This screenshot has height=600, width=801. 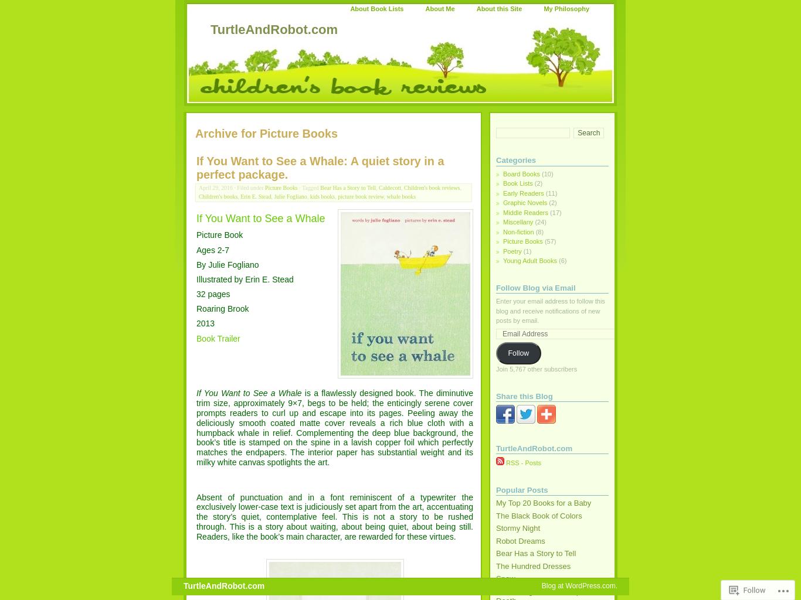 What do you see at coordinates (549, 240) in the screenshot?
I see `'(57)'` at bounding box center [549, 240].